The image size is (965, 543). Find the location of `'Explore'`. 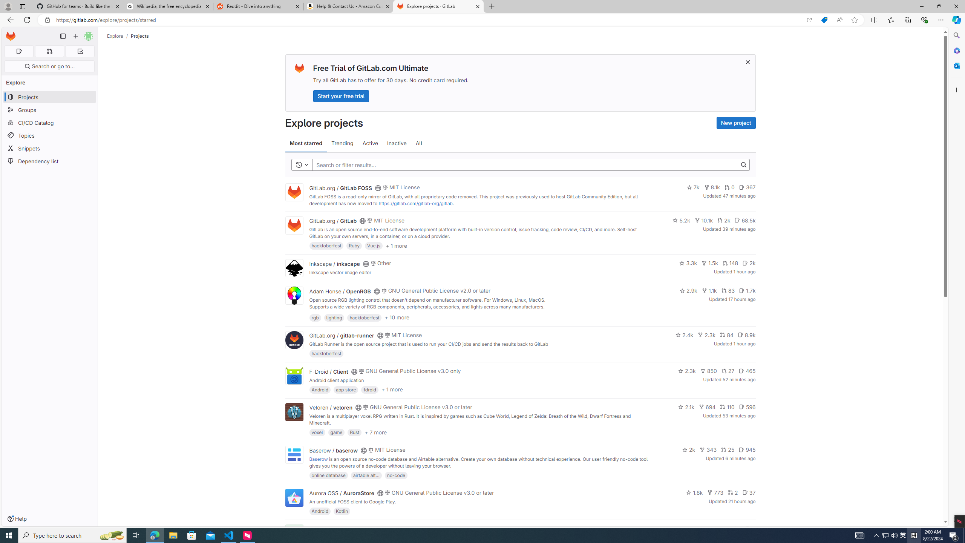

'Explore' is located at coordinates (115, 36).